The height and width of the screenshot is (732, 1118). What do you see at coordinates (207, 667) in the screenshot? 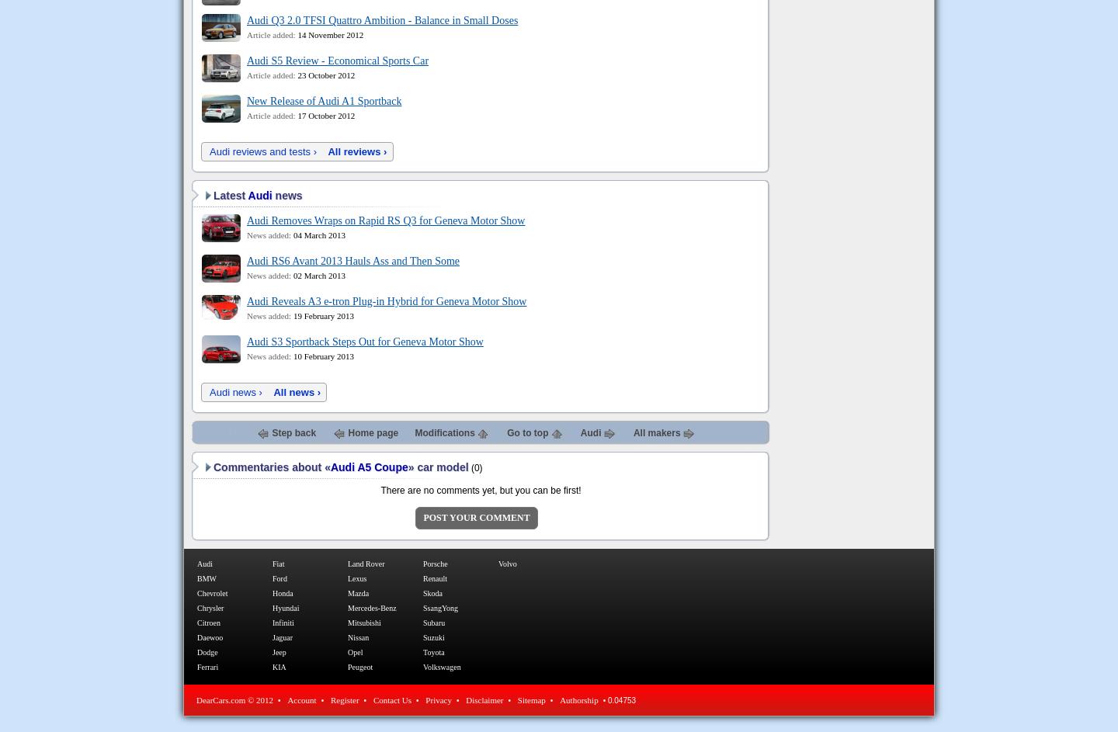
I see `'Ferrari'` at bounding box center [207, 667].